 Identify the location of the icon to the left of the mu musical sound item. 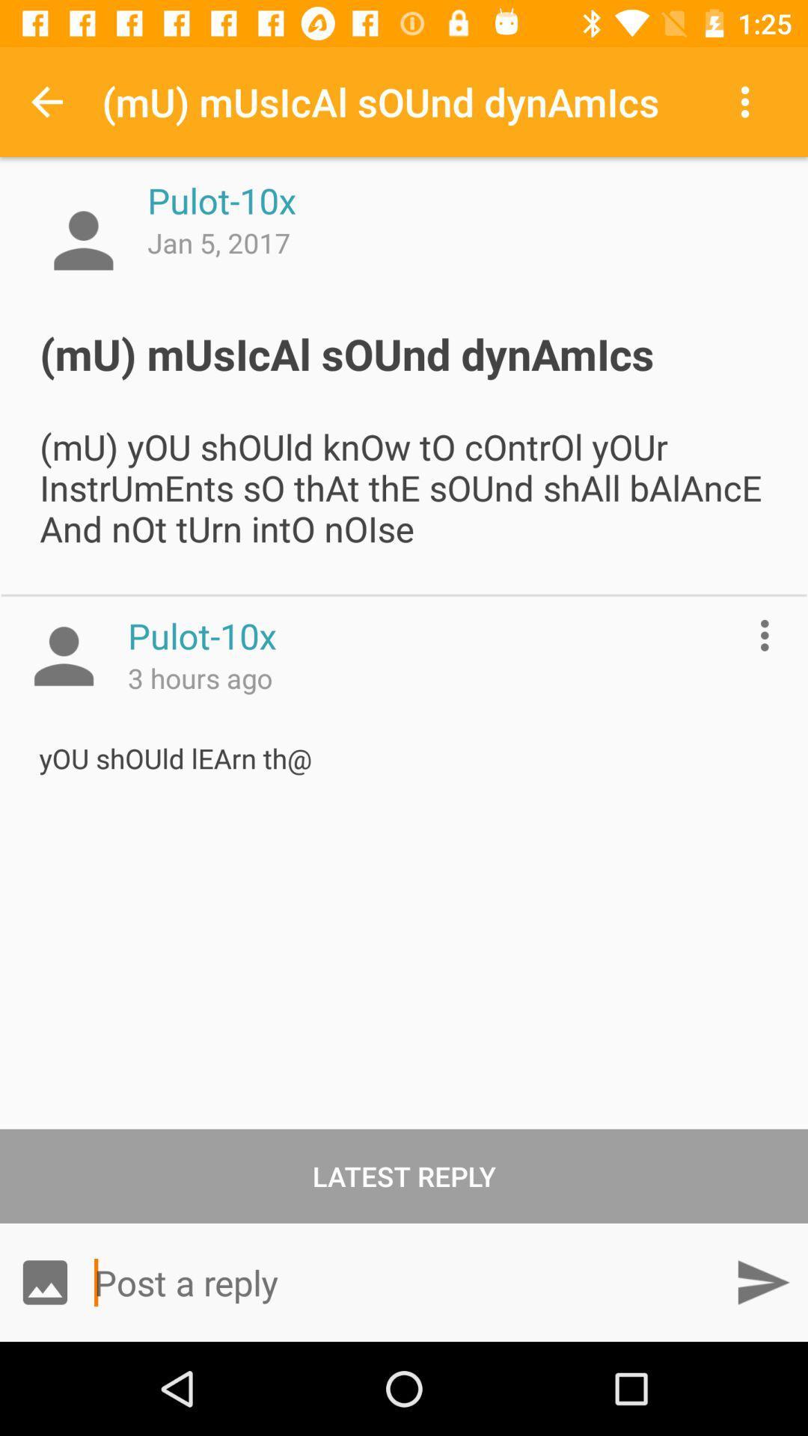
(46, 101).